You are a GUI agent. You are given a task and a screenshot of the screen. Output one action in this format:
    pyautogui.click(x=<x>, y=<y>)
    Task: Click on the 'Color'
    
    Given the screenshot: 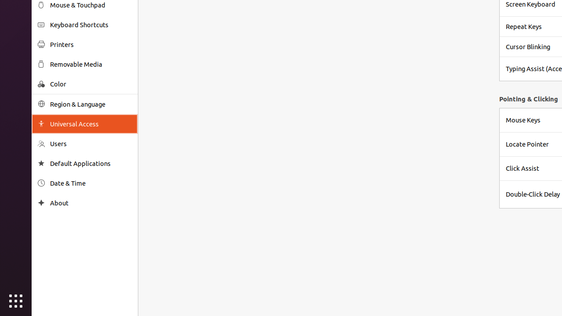 What is the action you would take?
    pyautogui.click(x=90, y=84)
    